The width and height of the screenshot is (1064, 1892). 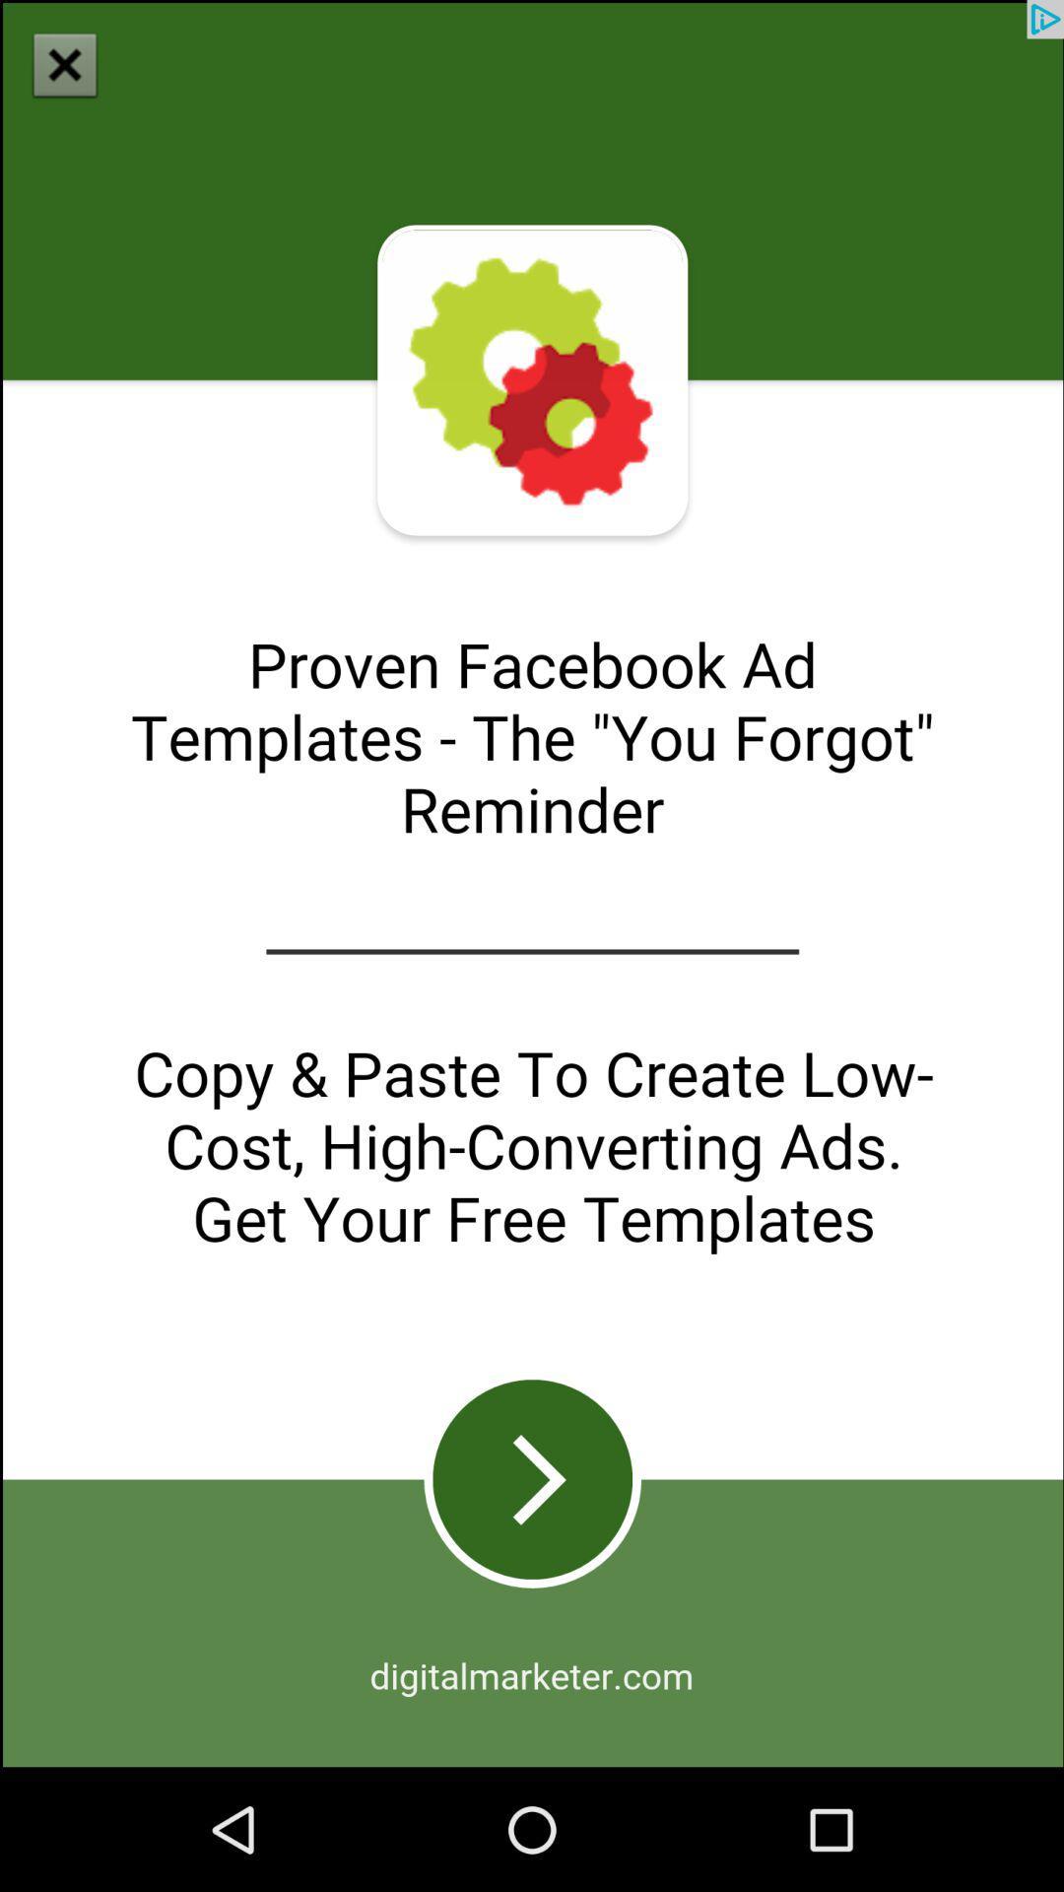 I want to click on the close icon, so click(x=76, y=82).